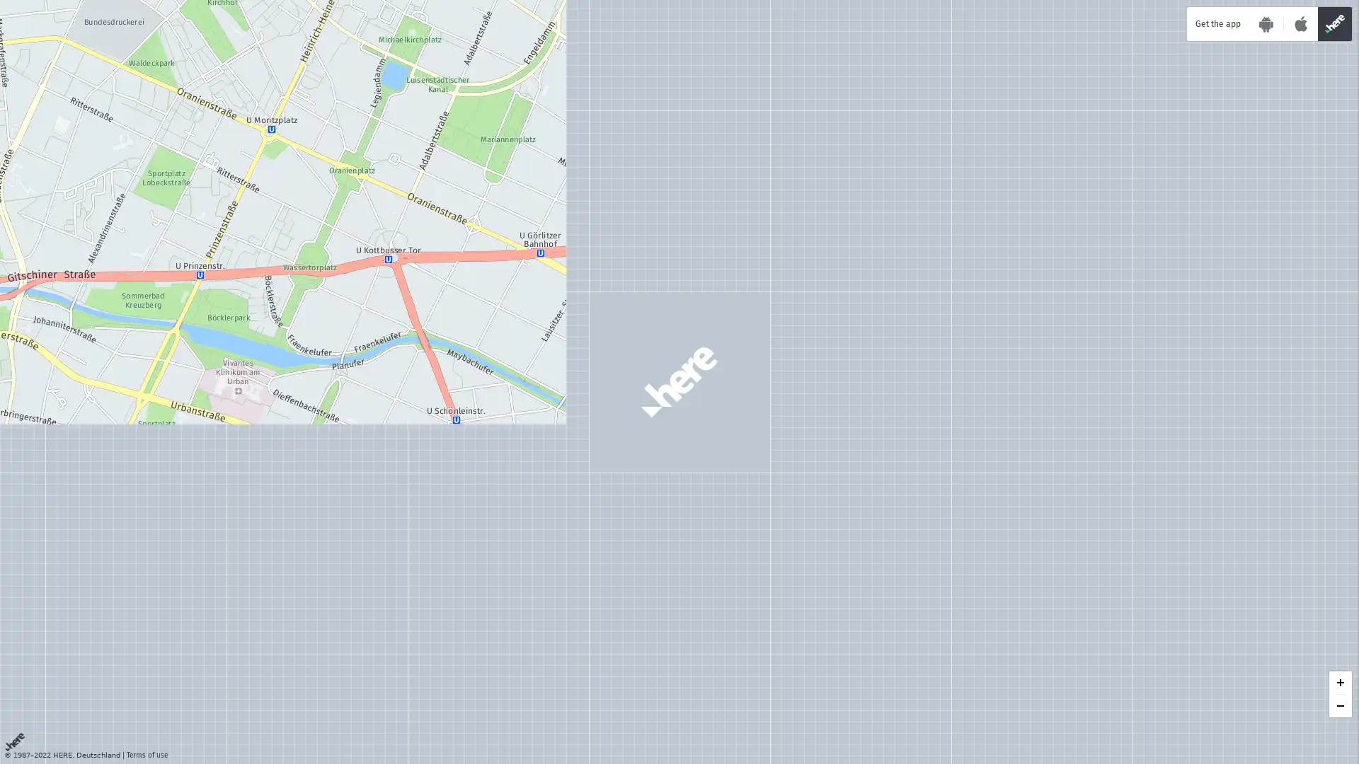 This screenshot has height=764, width=1359. What do you see at coordinates (1286, 653) in the screenshot?
I see `Map view` at bounding box center [1286, 653].